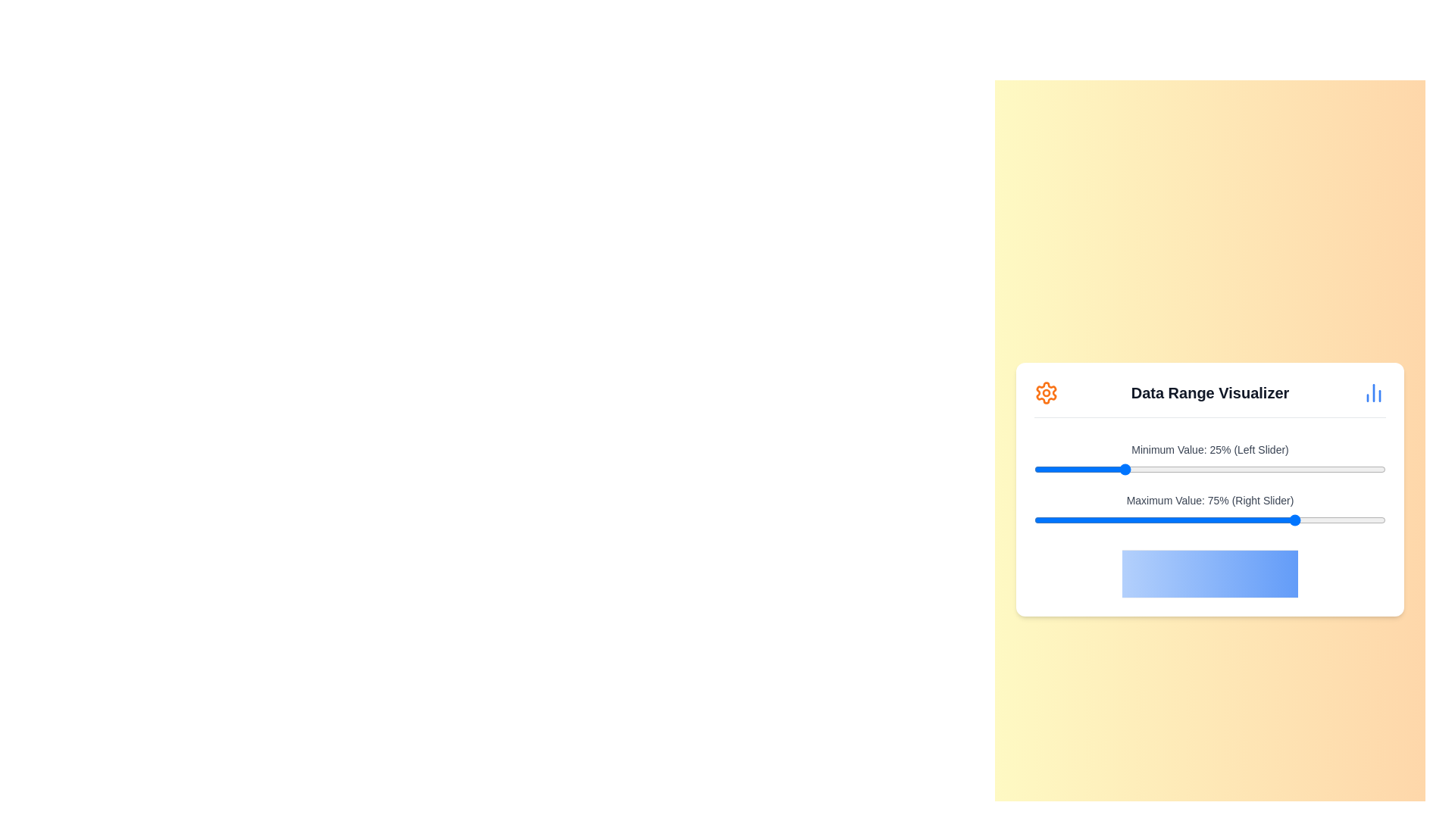 The height and width of the screenshot is (818, 1455). What do you see at coordinates (1119, 519) in the screenshot?
I see `the slider` at bounding box center [1119, 519].